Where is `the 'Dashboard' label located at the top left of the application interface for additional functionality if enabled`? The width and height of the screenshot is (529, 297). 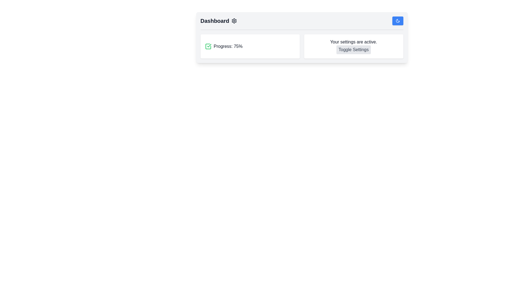 the 'Dashboard' label located at the top left of the application interface for additional functionality if enabled is located at coordinates (218, 21).